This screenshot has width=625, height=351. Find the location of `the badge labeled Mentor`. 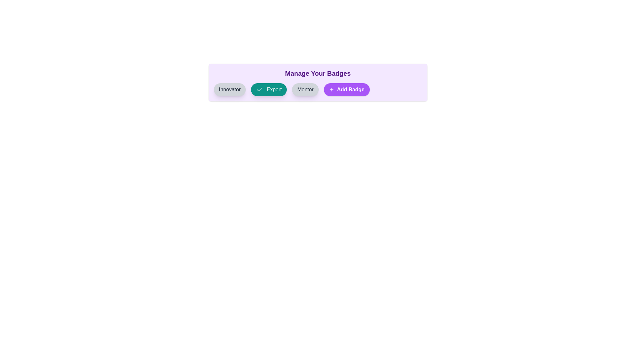

the badge labeled Mentor is located at coordinates (305, 90).